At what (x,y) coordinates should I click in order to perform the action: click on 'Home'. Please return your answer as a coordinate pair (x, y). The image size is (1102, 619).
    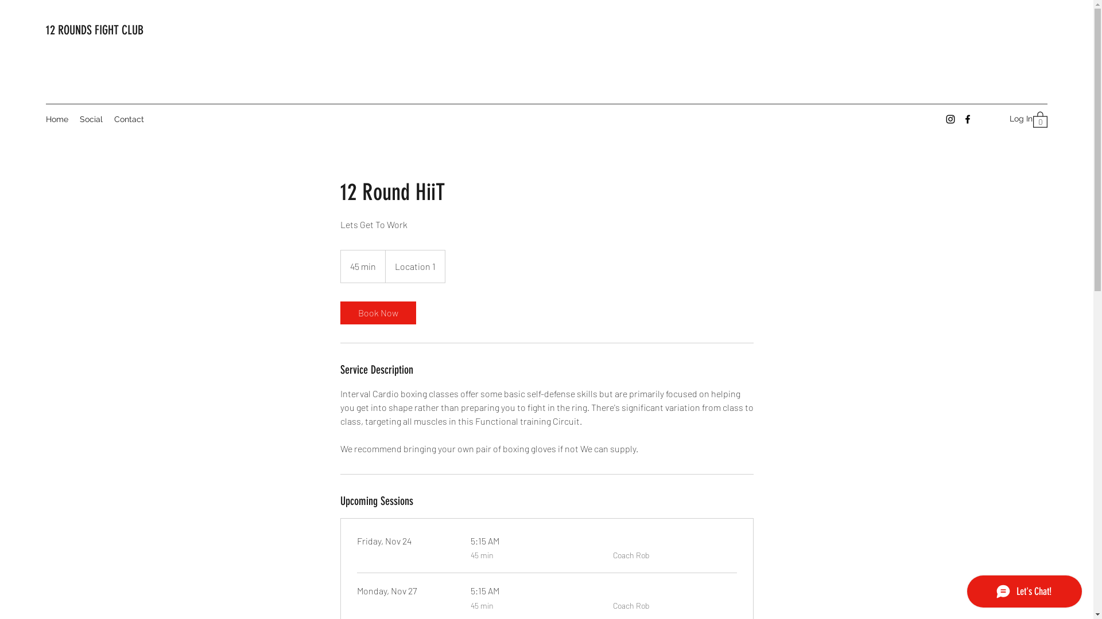
    Looking at the image, I should click on (56, 119).